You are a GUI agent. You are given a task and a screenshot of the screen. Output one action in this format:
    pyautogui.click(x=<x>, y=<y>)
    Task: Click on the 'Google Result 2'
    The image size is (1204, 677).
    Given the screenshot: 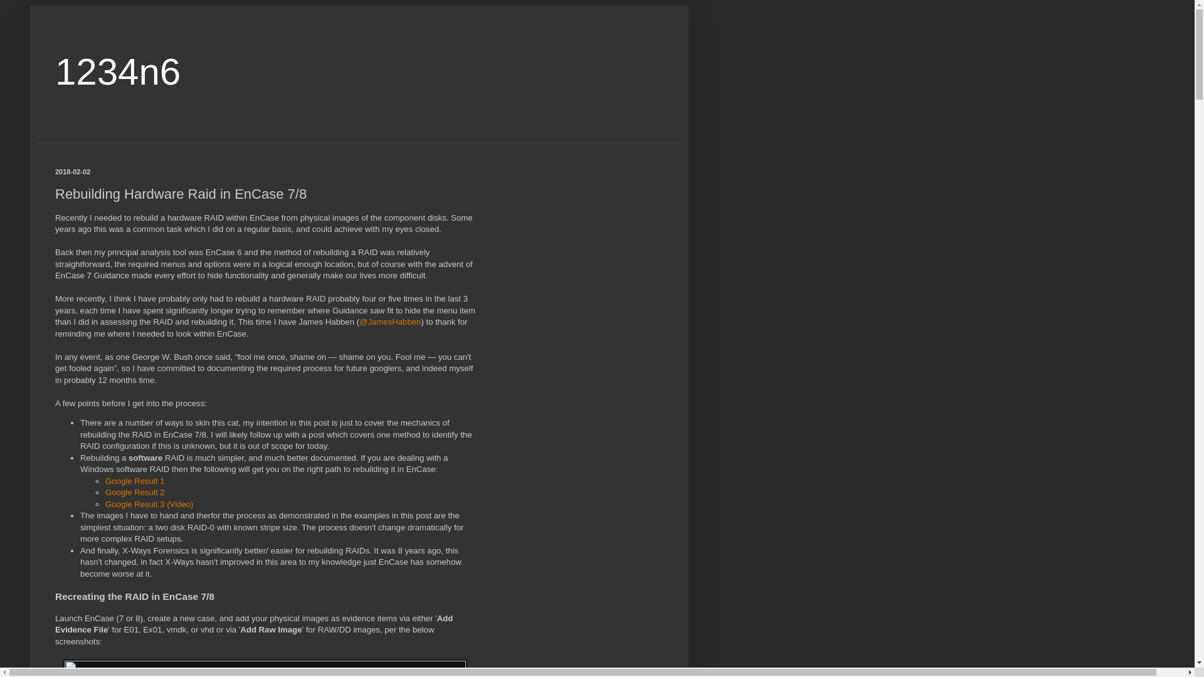 What is the action you would take?
    pyautogui.click(x=135, y=491)
    